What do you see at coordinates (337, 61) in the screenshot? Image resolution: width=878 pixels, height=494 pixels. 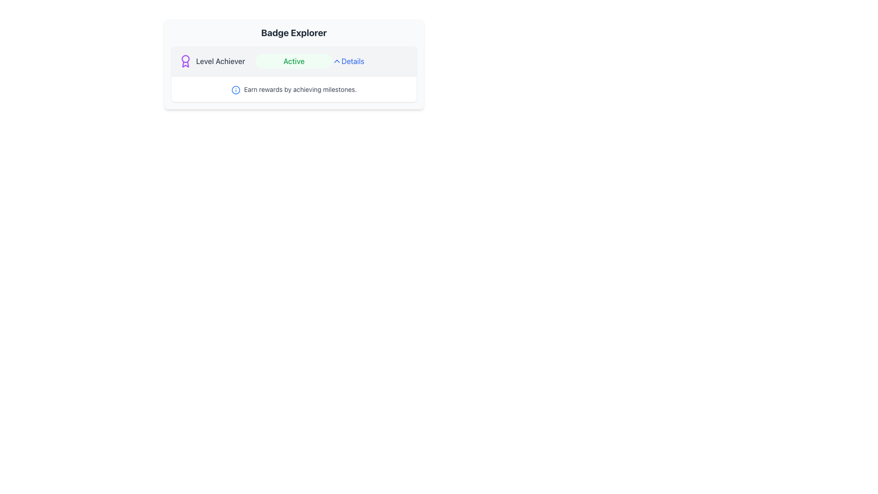 I see `the collapsible icon next to the 'Details' label in the 'Badge Explorer' section` at bounding box center [337, 61].